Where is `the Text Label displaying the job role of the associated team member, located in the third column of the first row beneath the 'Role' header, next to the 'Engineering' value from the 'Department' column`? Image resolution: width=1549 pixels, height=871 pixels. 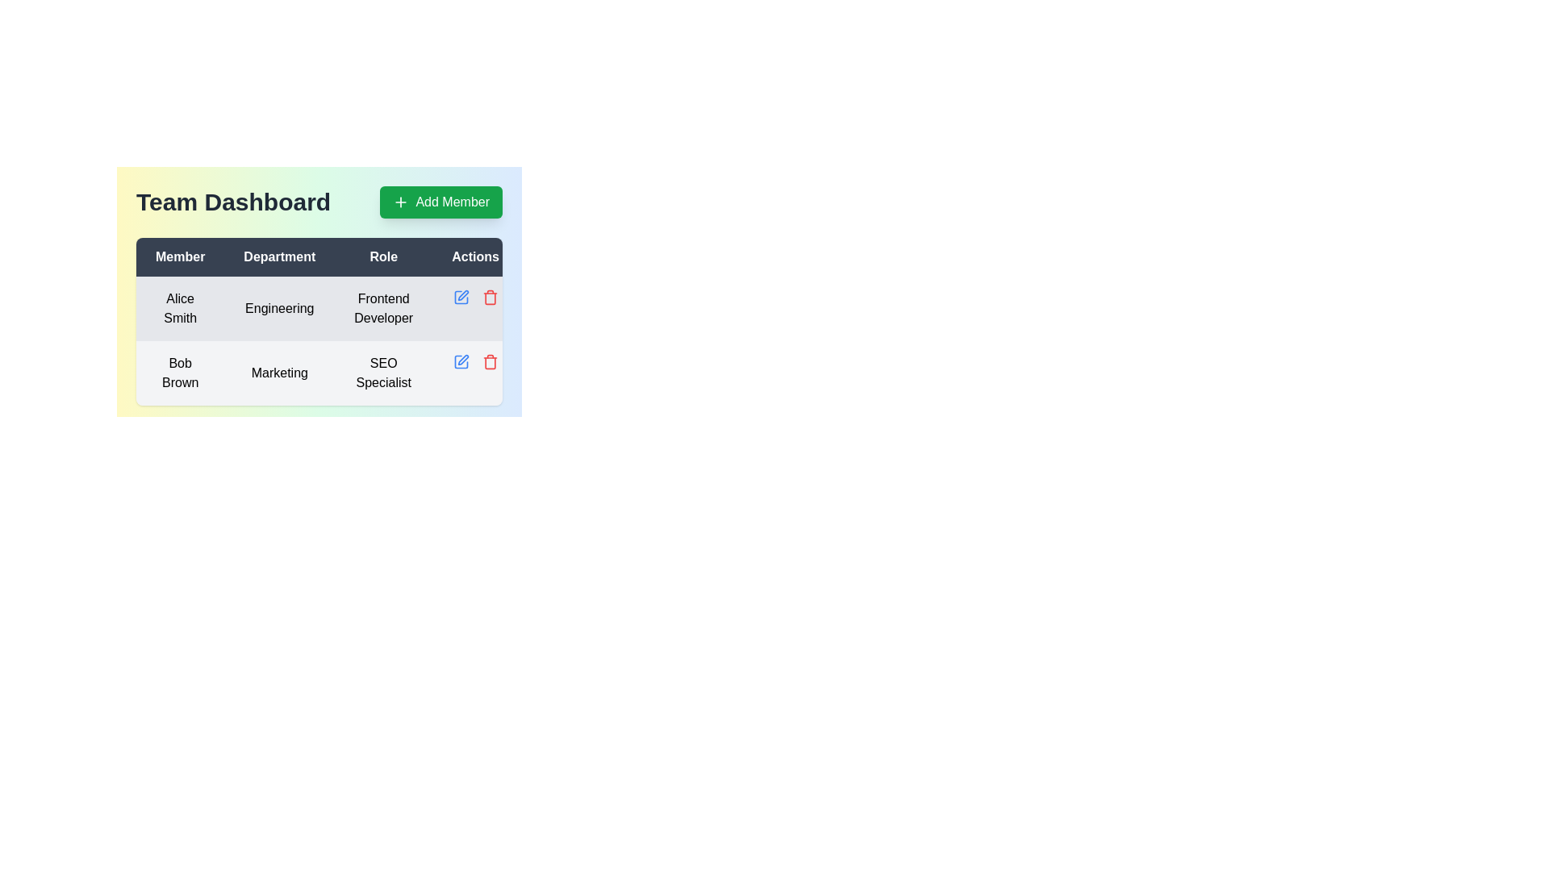
the Text Label displaying the job role of the associated team member, located in the third column of the first row beneath the 'Role' header, next to the 'Engineering' value from the 'Department' column is located at coordinates (382, 308).